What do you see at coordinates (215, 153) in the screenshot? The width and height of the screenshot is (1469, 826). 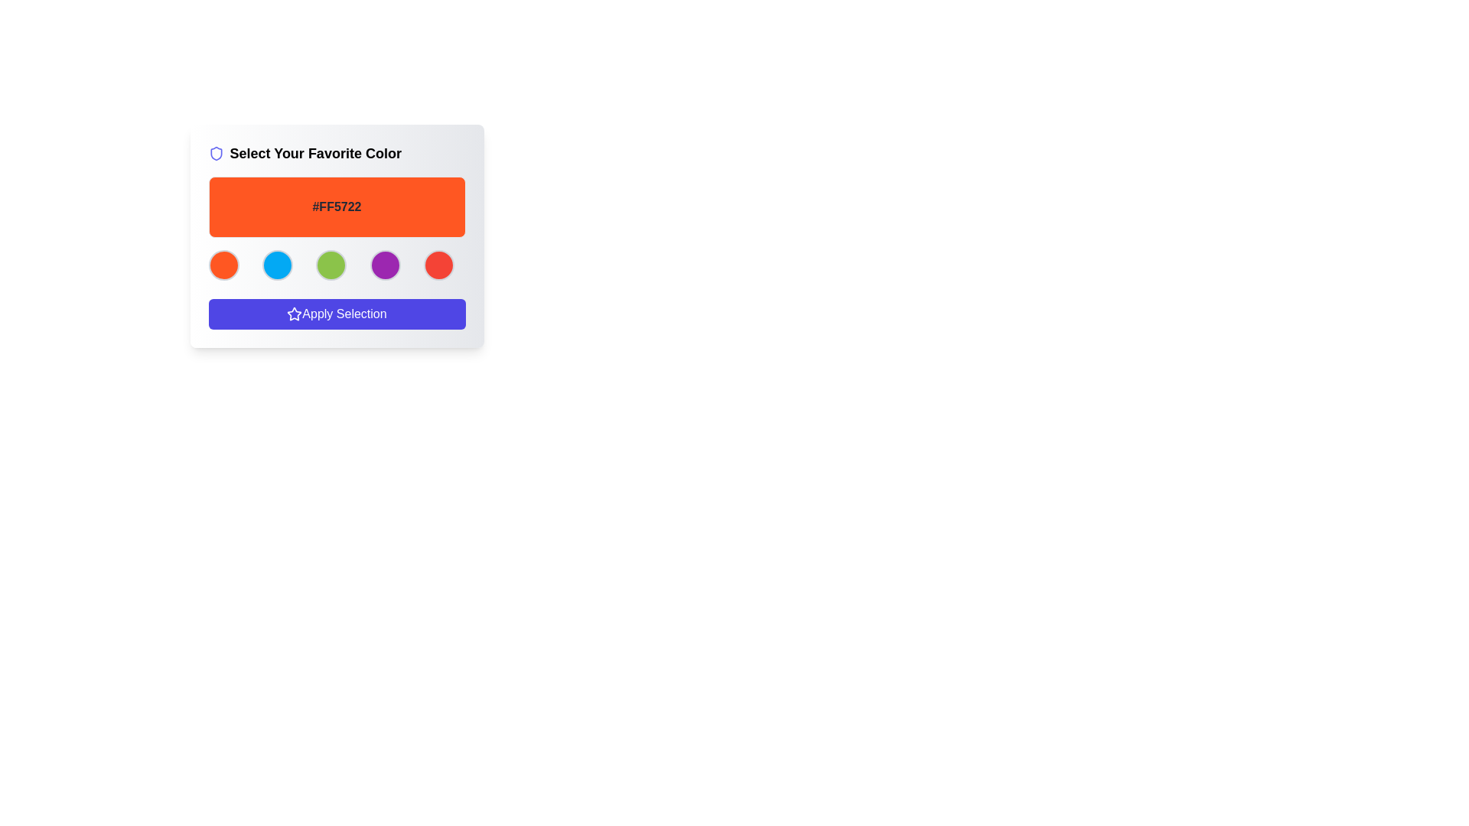 I see `the purple shield icon that is located to the left of the heading 'Select Your Favorite Color'` at bounding box center [215, 153].